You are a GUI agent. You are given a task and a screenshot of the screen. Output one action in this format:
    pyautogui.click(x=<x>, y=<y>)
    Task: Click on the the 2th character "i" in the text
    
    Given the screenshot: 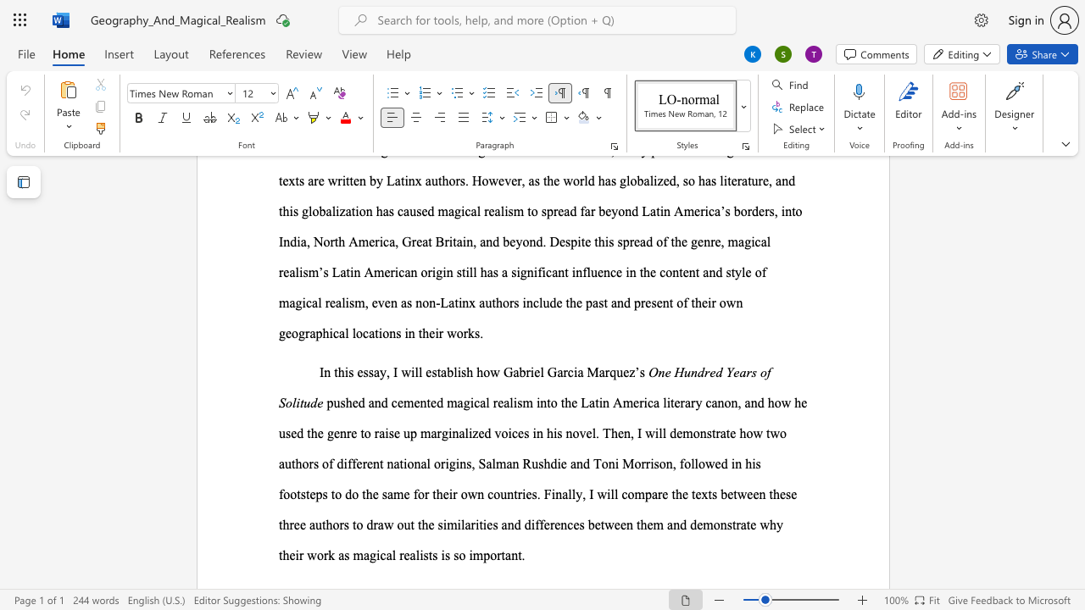 What is the action you would take?
    pyautogui.click(x=413, y=371)
    